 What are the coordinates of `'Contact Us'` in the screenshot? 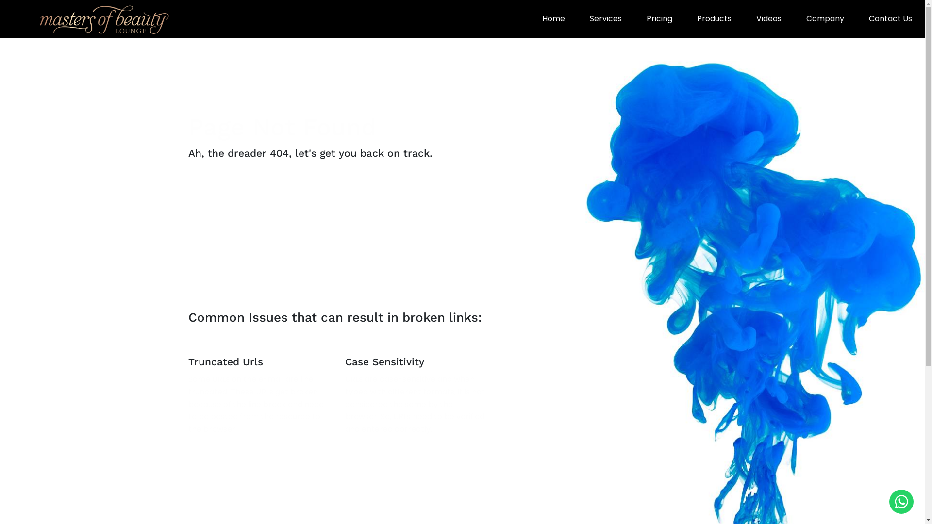 It's located at (890, 18).